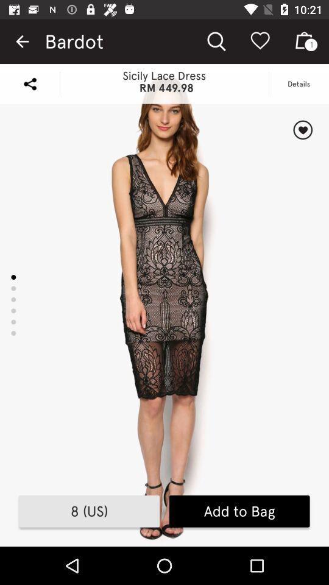 Image resolution: width=329 pixels, height=585 pixels. Describe the element at coordinates (30, 83) in the screenshot. I see `share` at that location.